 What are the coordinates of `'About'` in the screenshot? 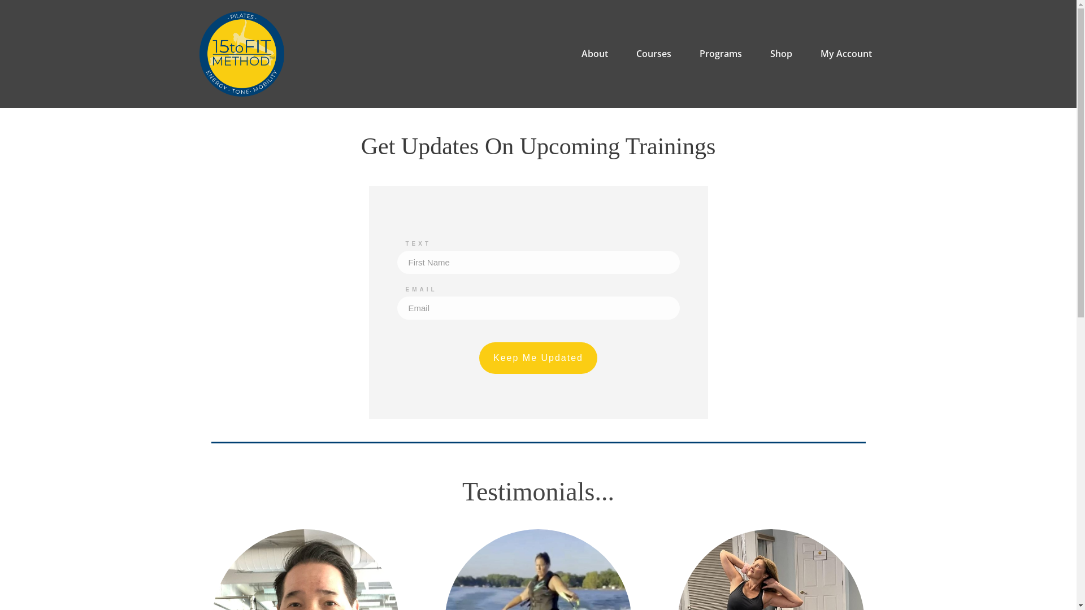 It's located at (593, 54).